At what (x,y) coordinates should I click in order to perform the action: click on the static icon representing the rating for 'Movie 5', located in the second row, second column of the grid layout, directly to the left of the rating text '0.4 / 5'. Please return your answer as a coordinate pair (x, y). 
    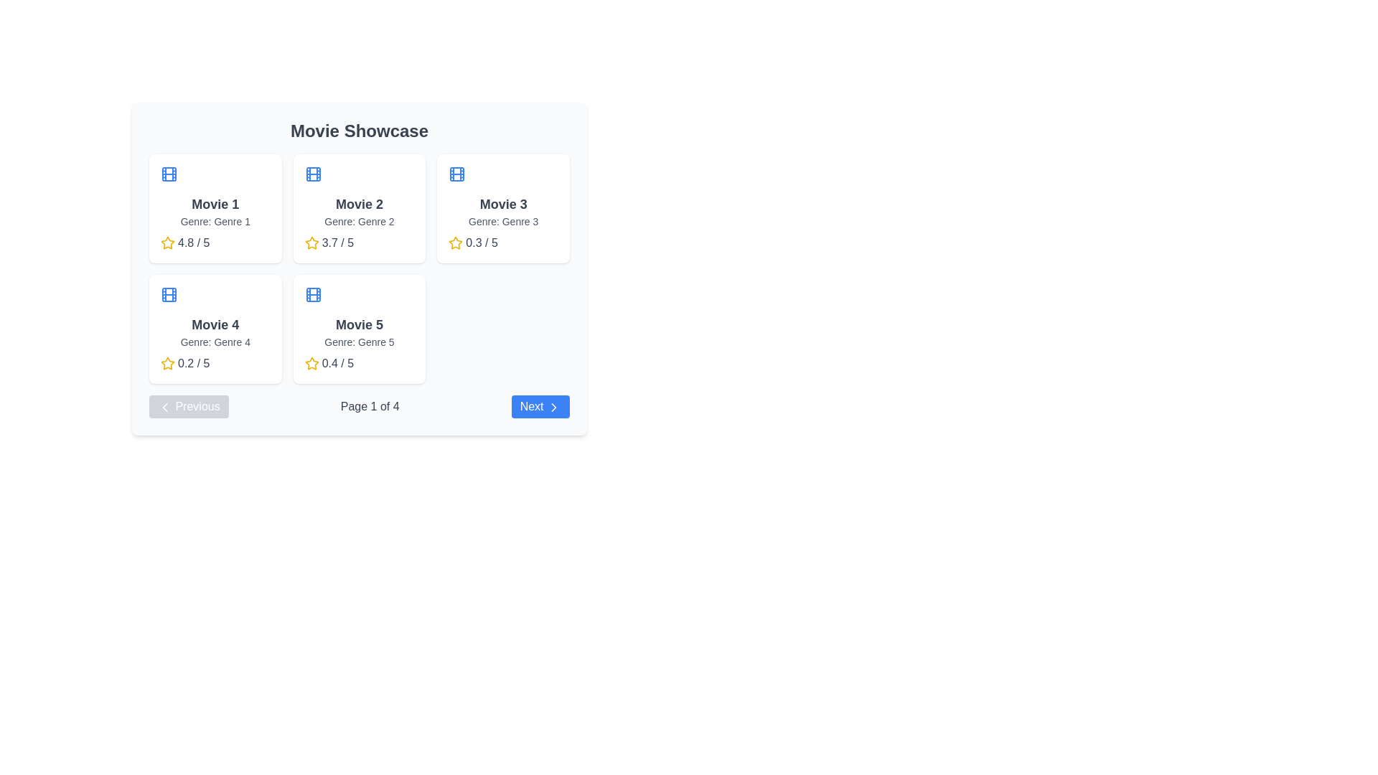
    Looking at the image, I should click on (311, 362).